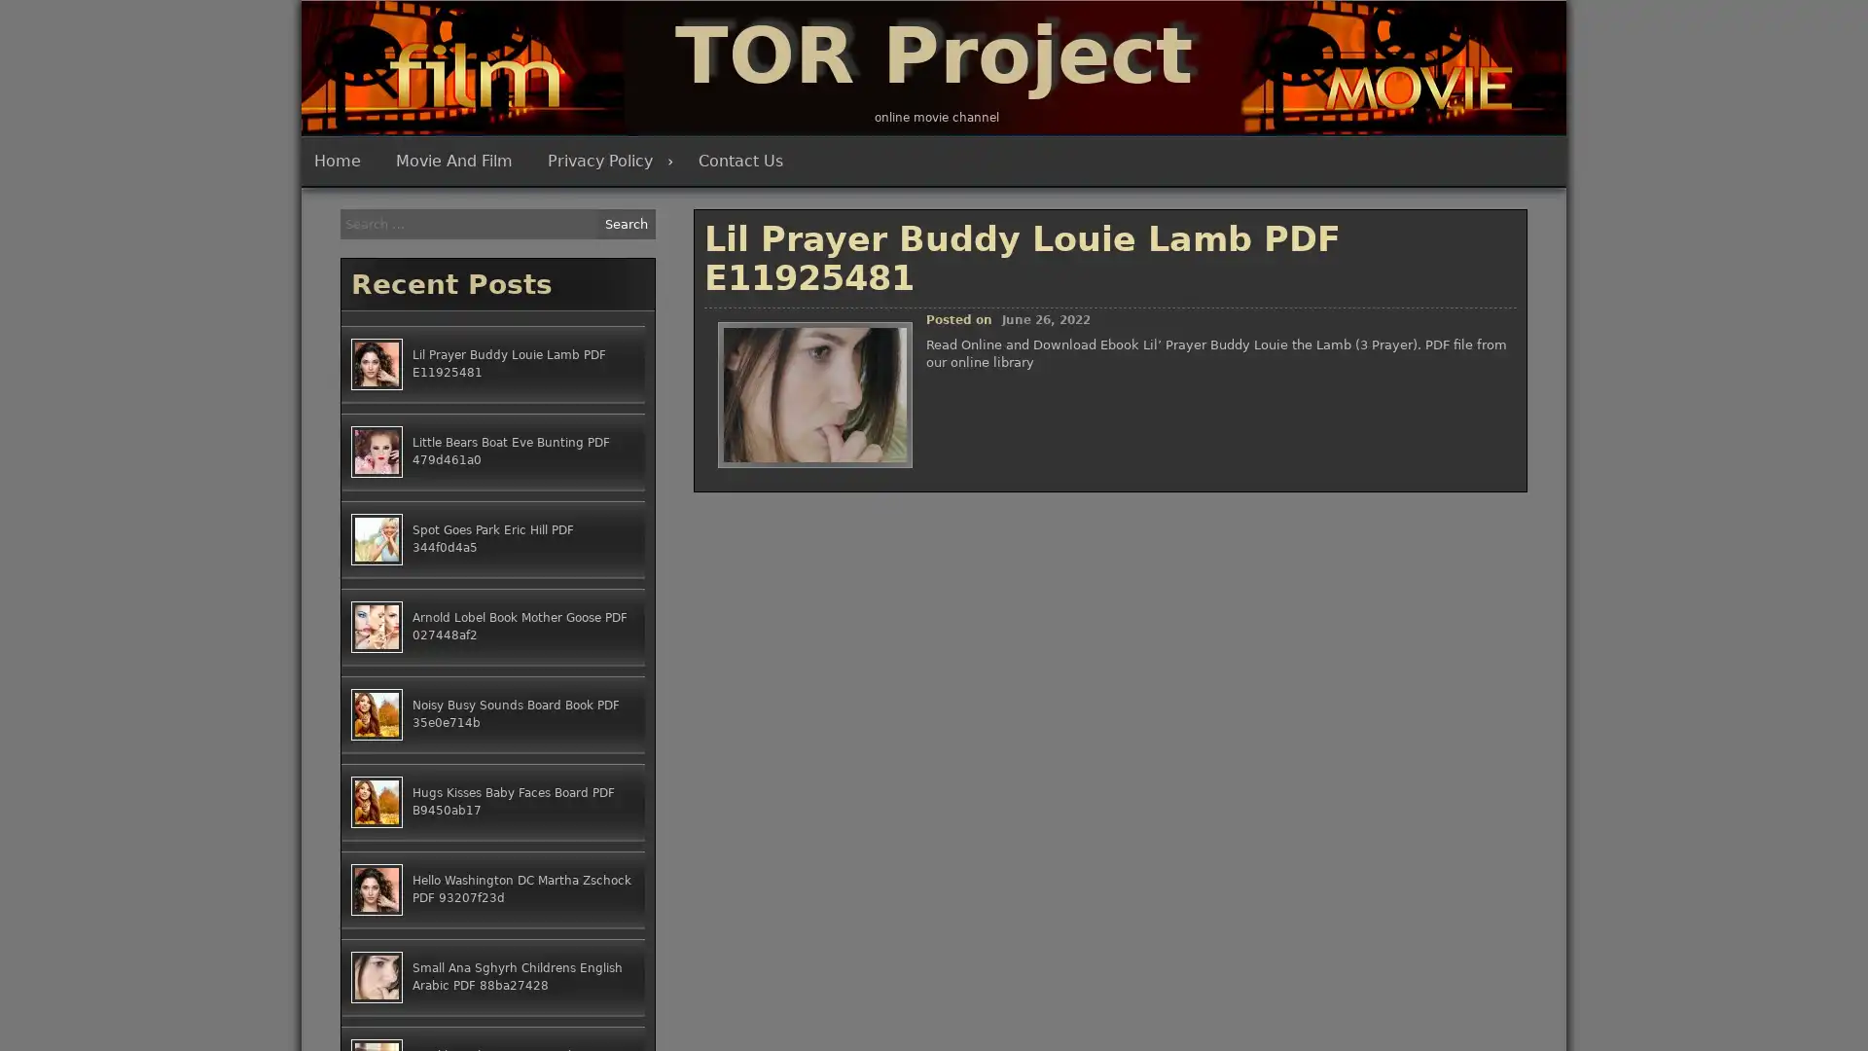  Describe the element at coordinates (626, 223) in the screenshot. I see `Search` at that location.